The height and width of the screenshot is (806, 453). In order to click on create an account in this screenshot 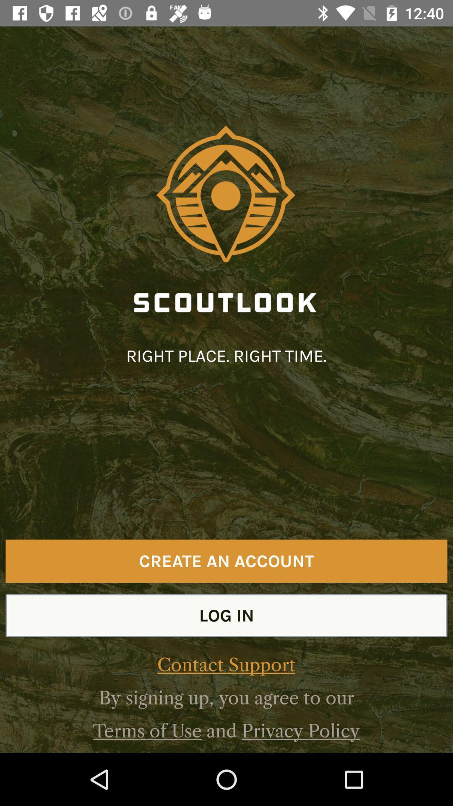, I will do `click(226, 561)`.